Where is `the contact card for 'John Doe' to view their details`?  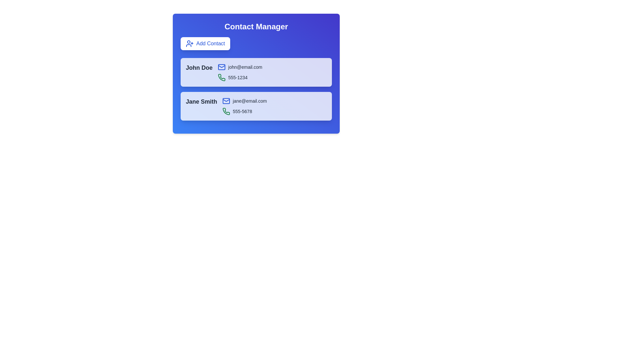 the contact card for 'John Doe' to view their details is located at coordinates (199, 68).